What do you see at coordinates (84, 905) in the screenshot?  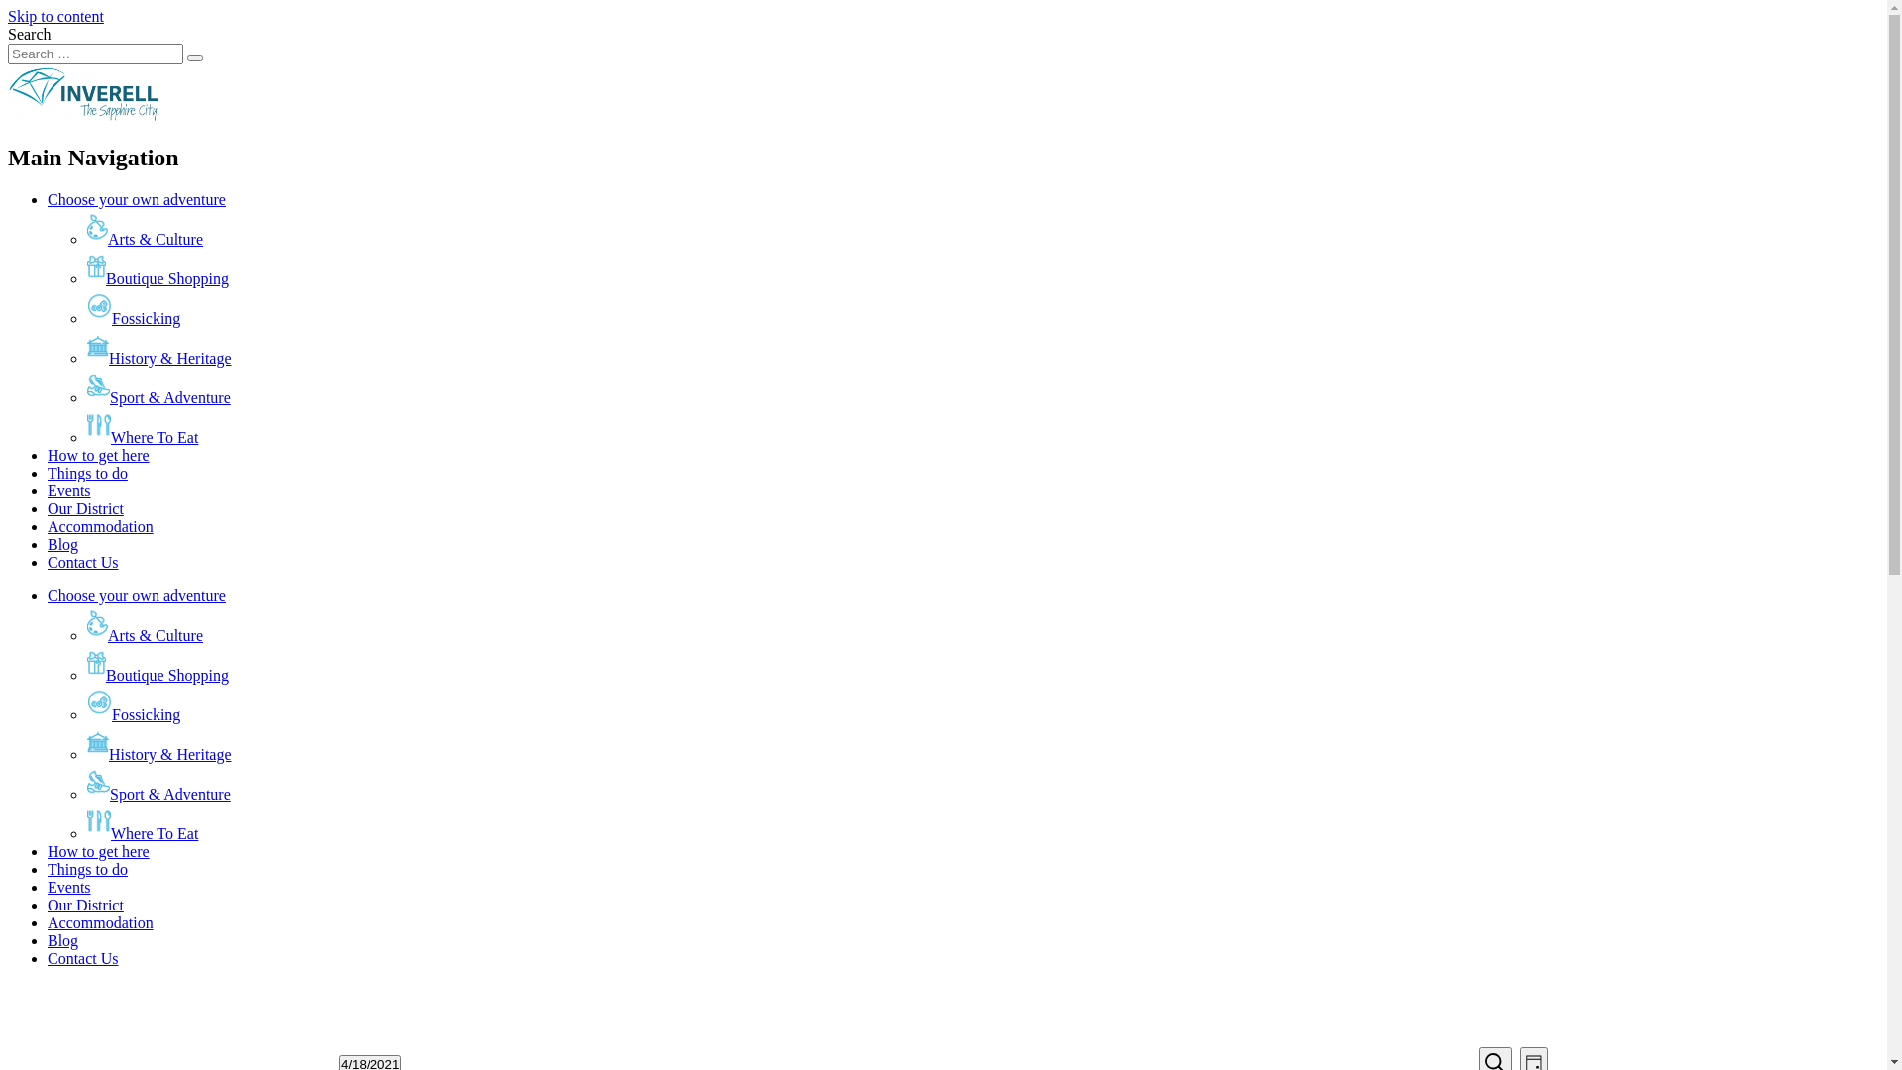 I see `'Our District'` at bounding box center [84, 905].